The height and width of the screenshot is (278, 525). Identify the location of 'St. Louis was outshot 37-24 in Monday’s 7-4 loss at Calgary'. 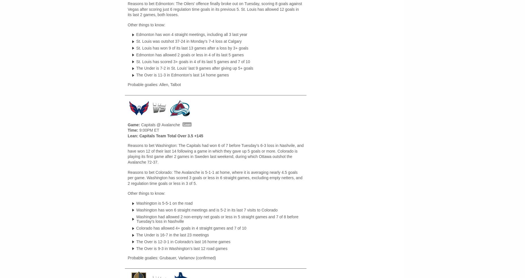
(189, 41).